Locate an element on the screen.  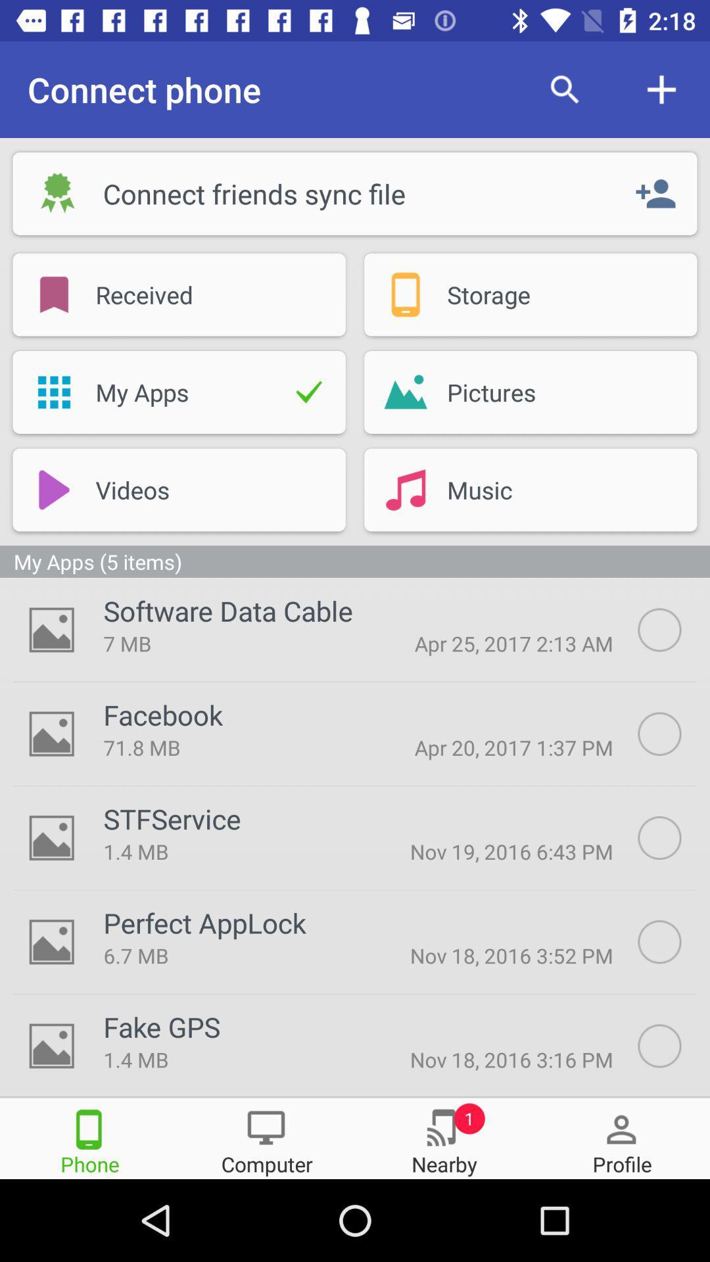
below my apps is located at coordinates (179, 489).